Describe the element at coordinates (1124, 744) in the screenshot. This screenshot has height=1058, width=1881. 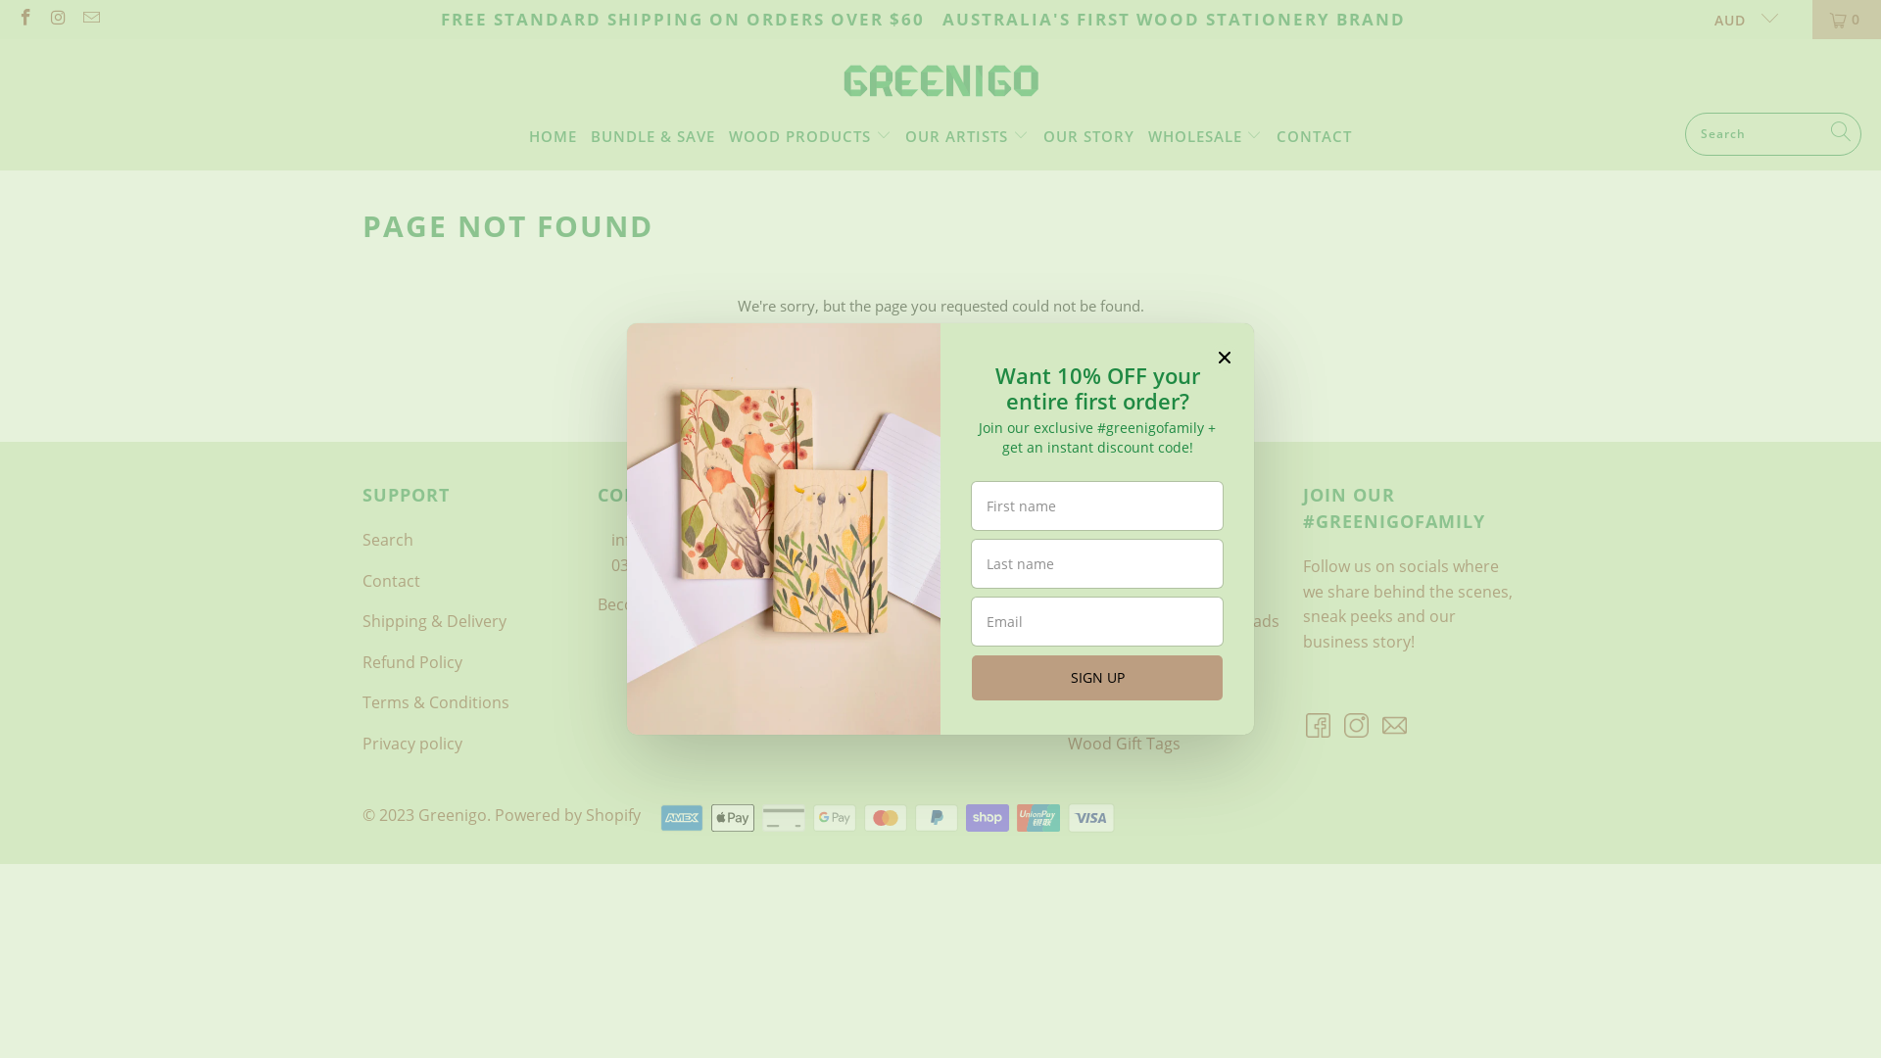
I see `'Wood Gift Tags'` at that location.